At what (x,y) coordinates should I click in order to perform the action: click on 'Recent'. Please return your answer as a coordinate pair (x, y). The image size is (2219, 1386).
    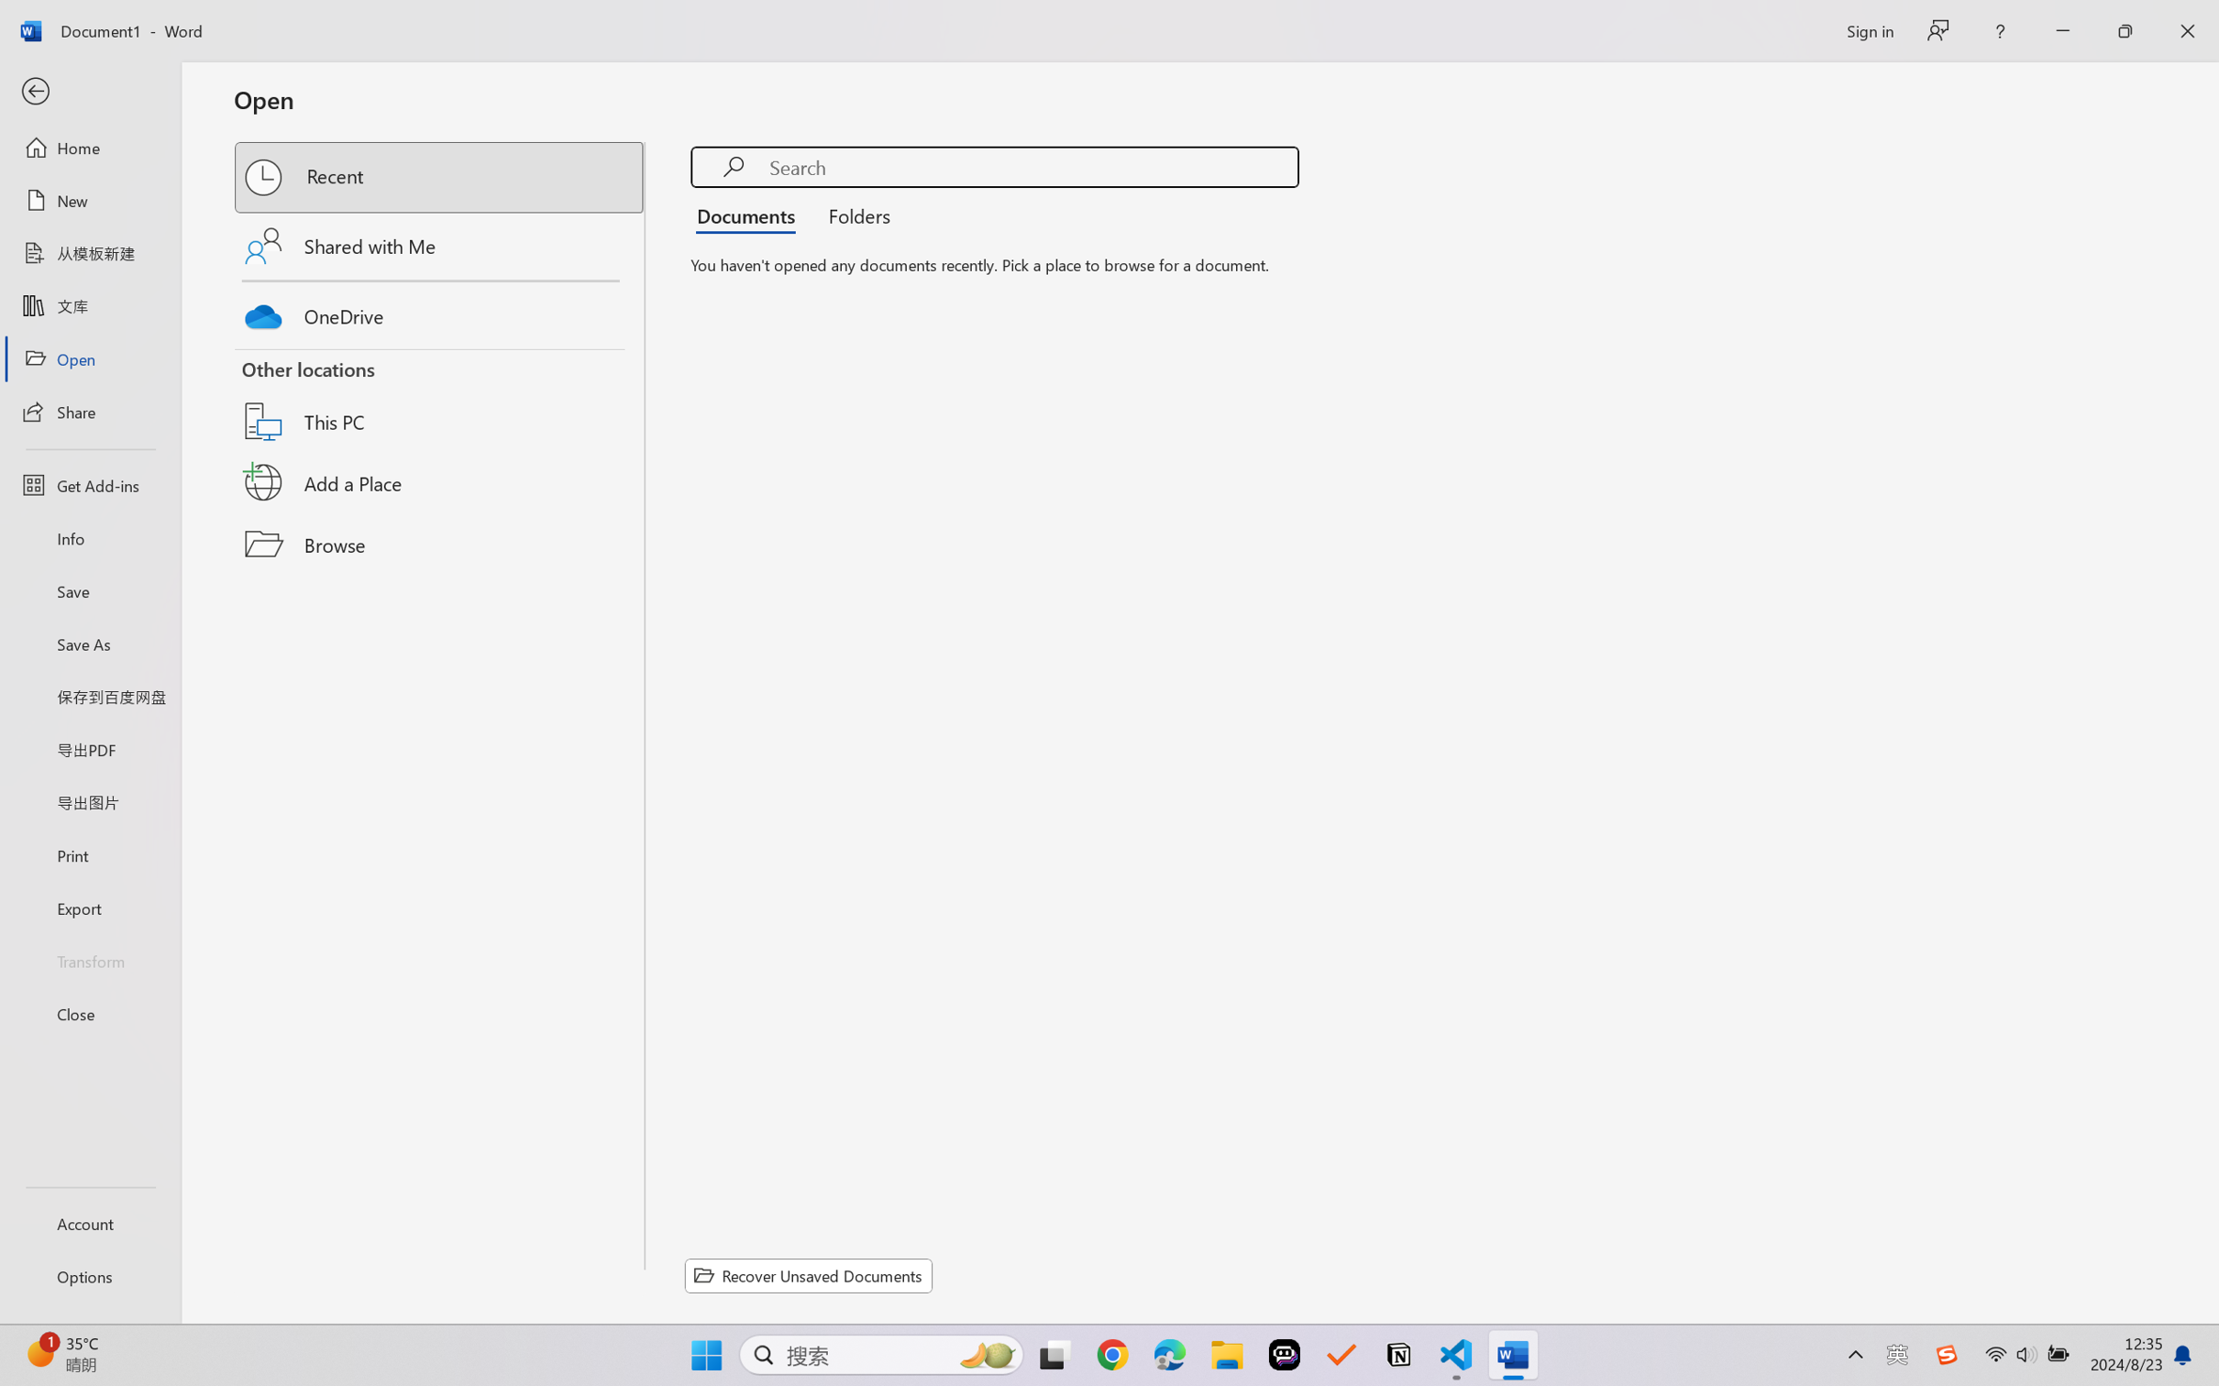
    Looking at the image, I should click on (440, 176).